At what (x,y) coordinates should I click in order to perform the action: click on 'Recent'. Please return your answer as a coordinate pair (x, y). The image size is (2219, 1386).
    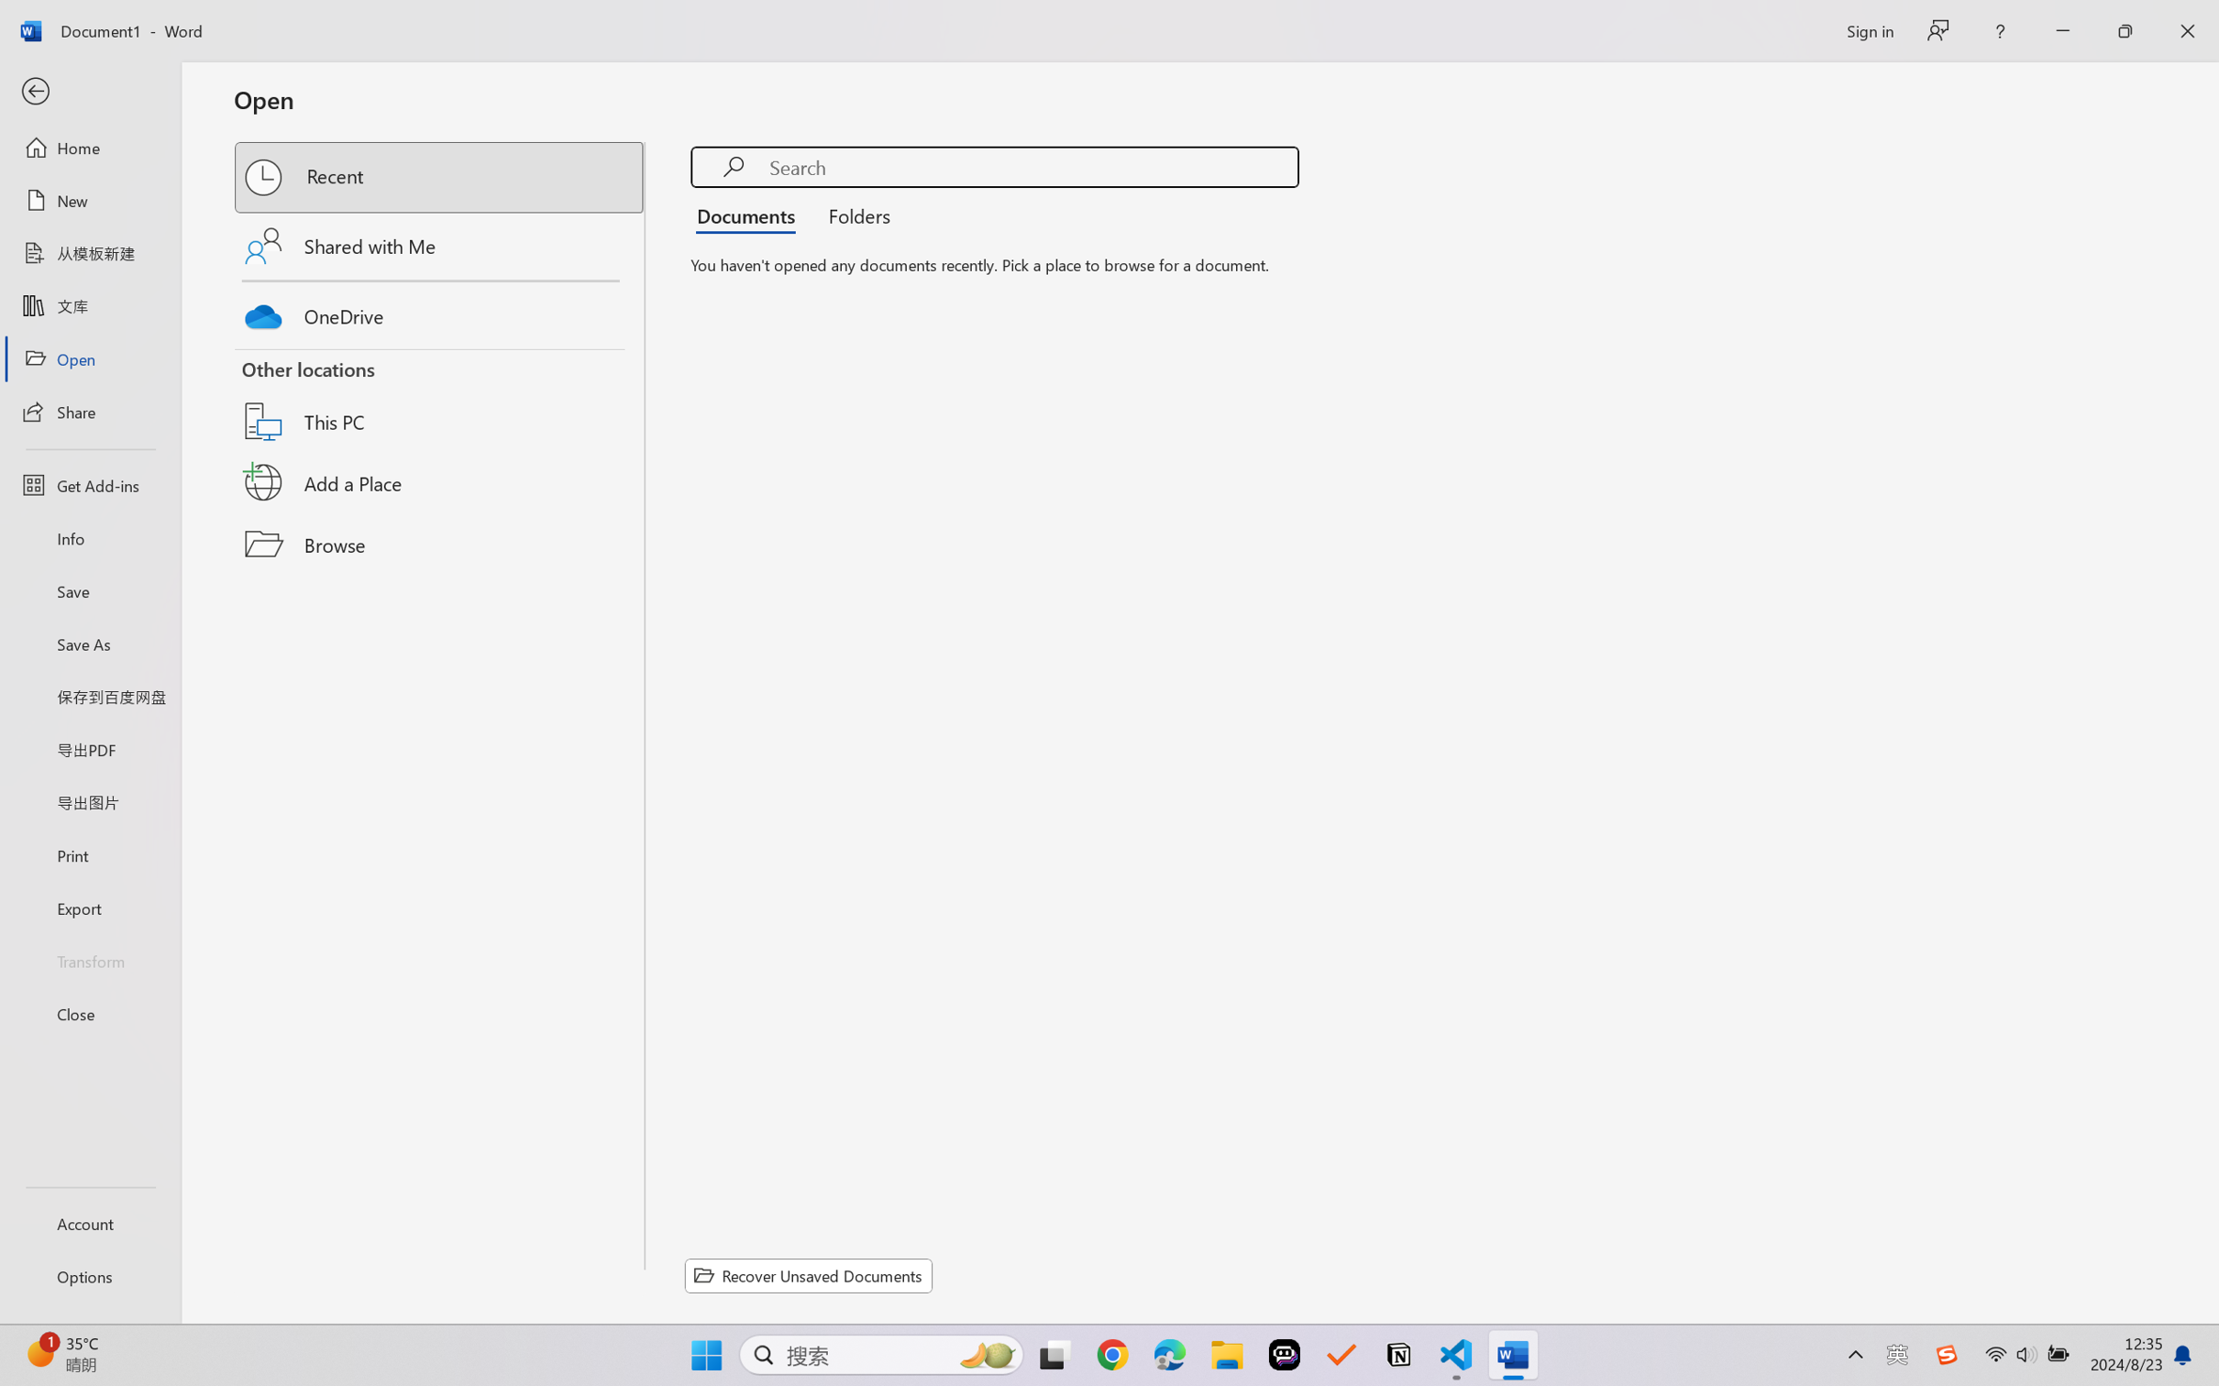
    Looking at the image, I should click on (440, 176).